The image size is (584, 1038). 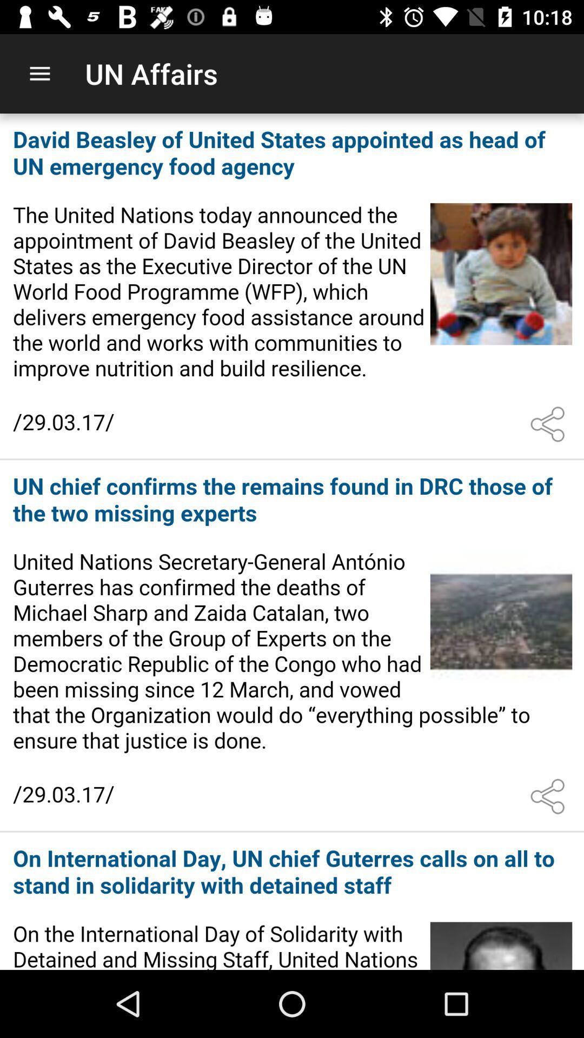 I want to click on share, so click(x=550, y=796).